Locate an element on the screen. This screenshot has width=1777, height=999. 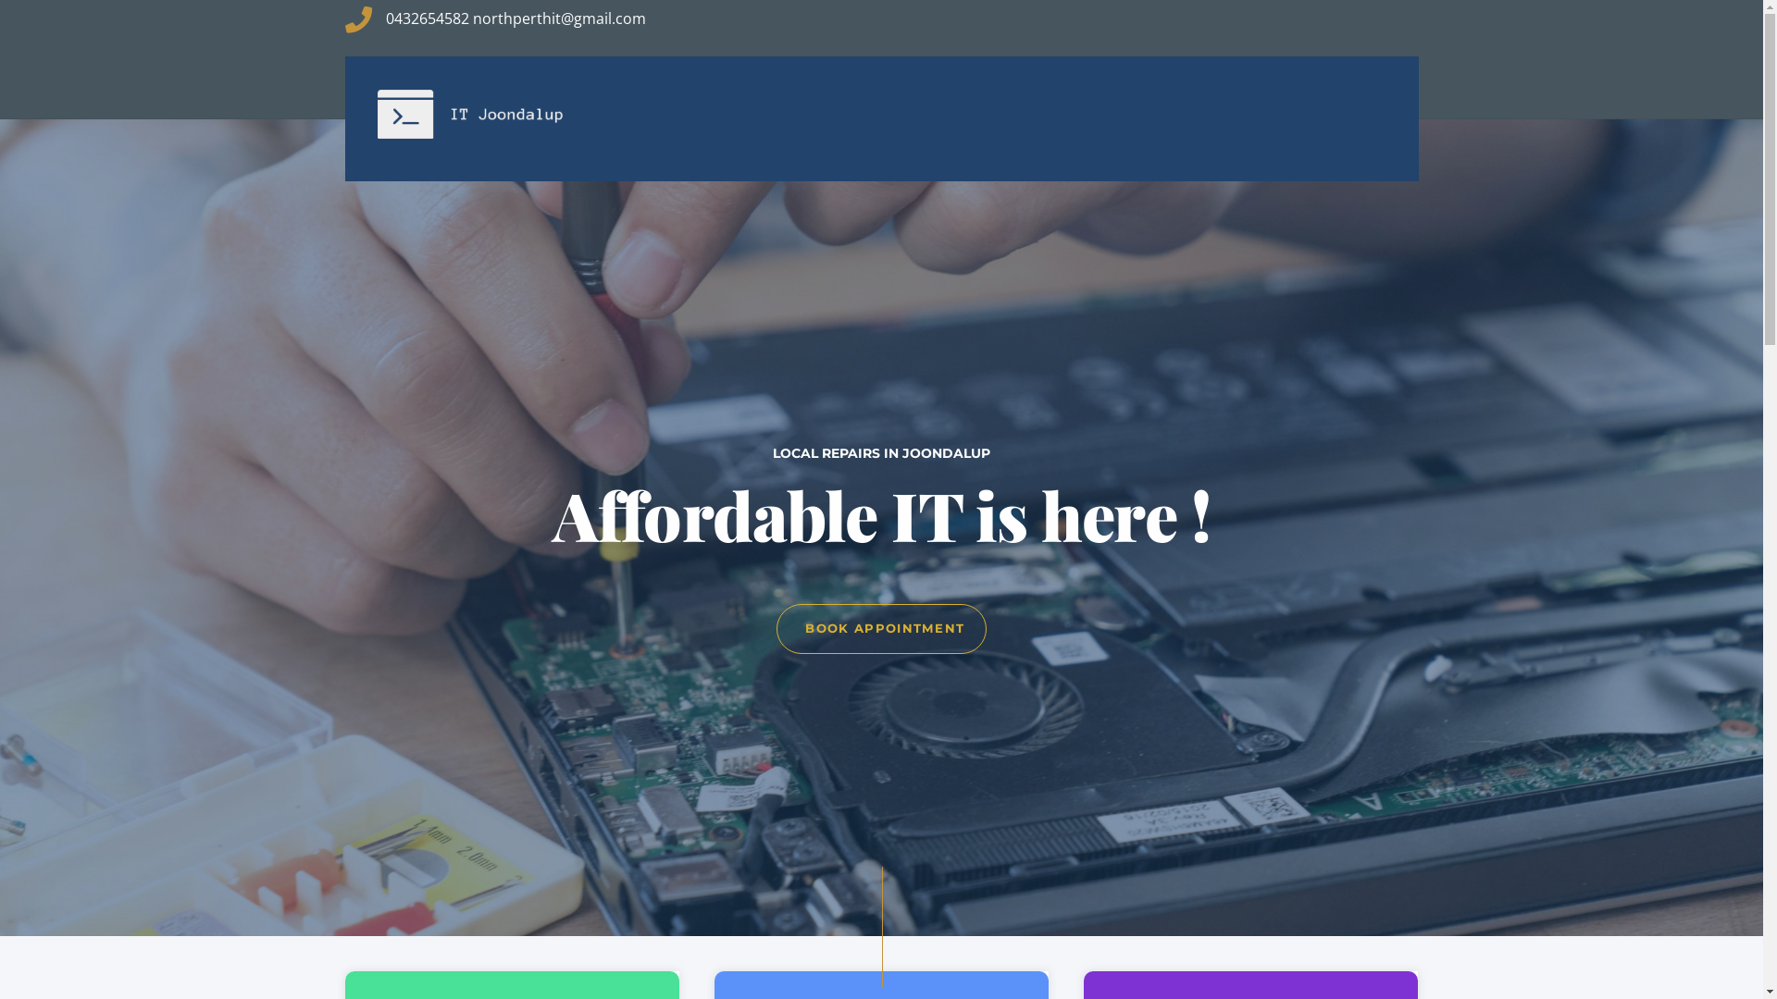
'BOOK APPOINTMENT' is located at coordinates (879, 627).